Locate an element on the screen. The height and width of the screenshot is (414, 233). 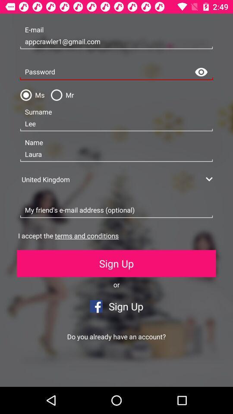
the icon to the left of sign up icon is located at coordinates (58, 373).